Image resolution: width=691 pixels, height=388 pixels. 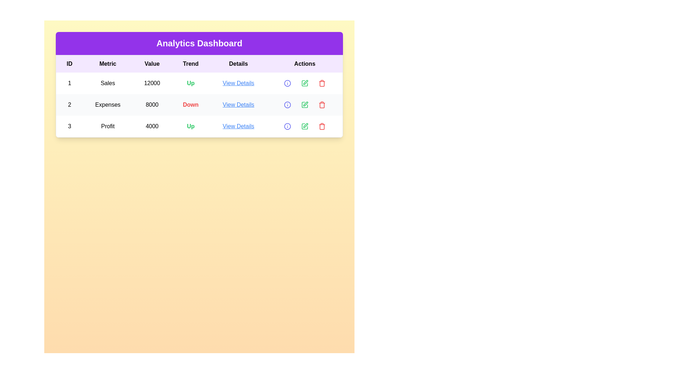 I want to click on the red trash icon button, which is the third action button in the Actions column of the table in the second row, so click(x=321, y=105).